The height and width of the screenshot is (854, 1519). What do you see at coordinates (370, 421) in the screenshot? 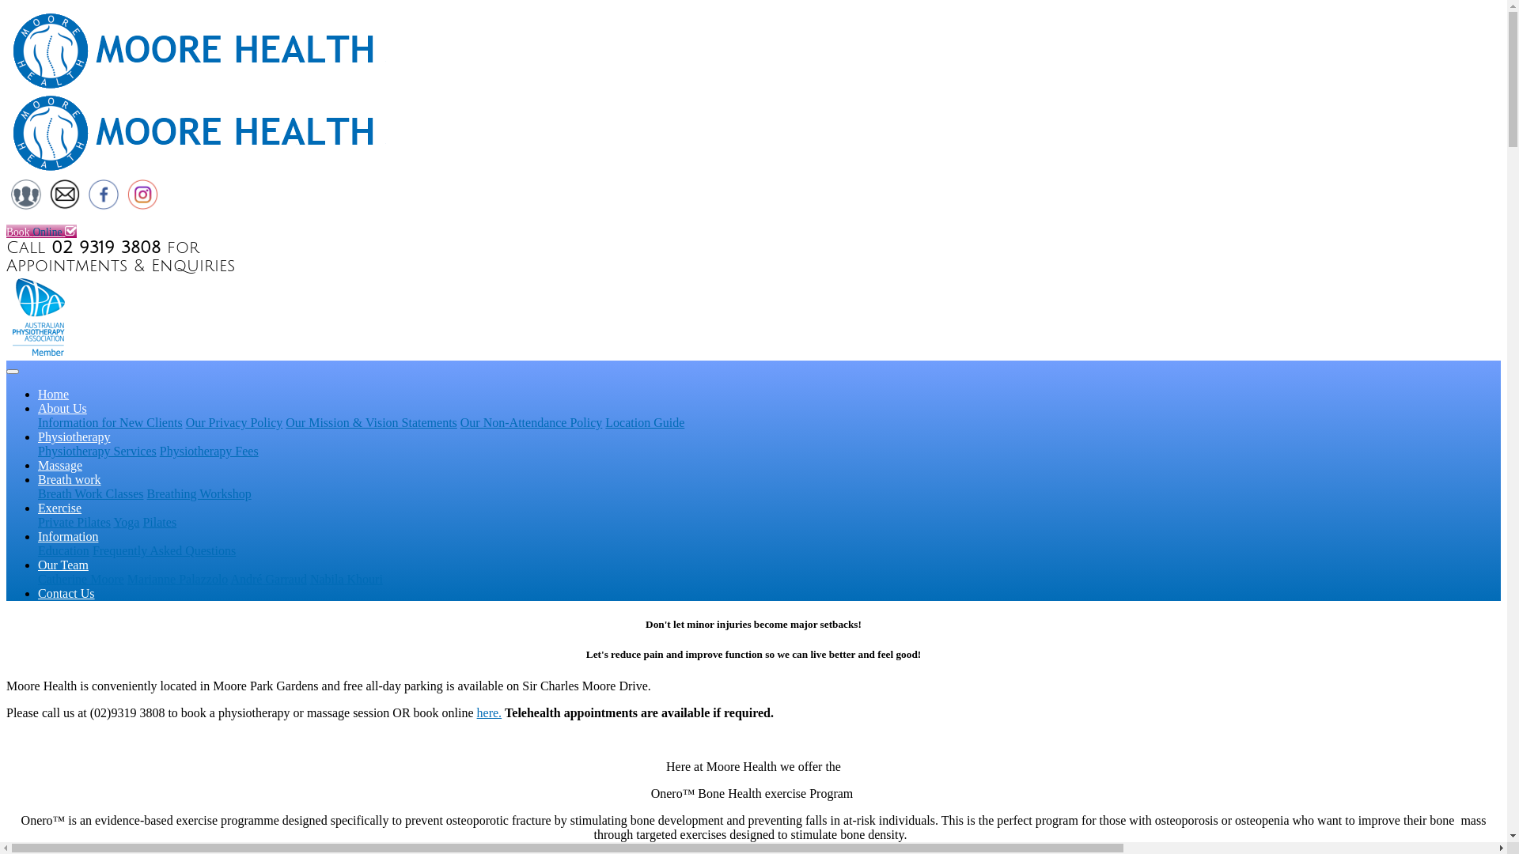
I see `'Our Mission & Vision Statements'` at bounding box center [370, 421].